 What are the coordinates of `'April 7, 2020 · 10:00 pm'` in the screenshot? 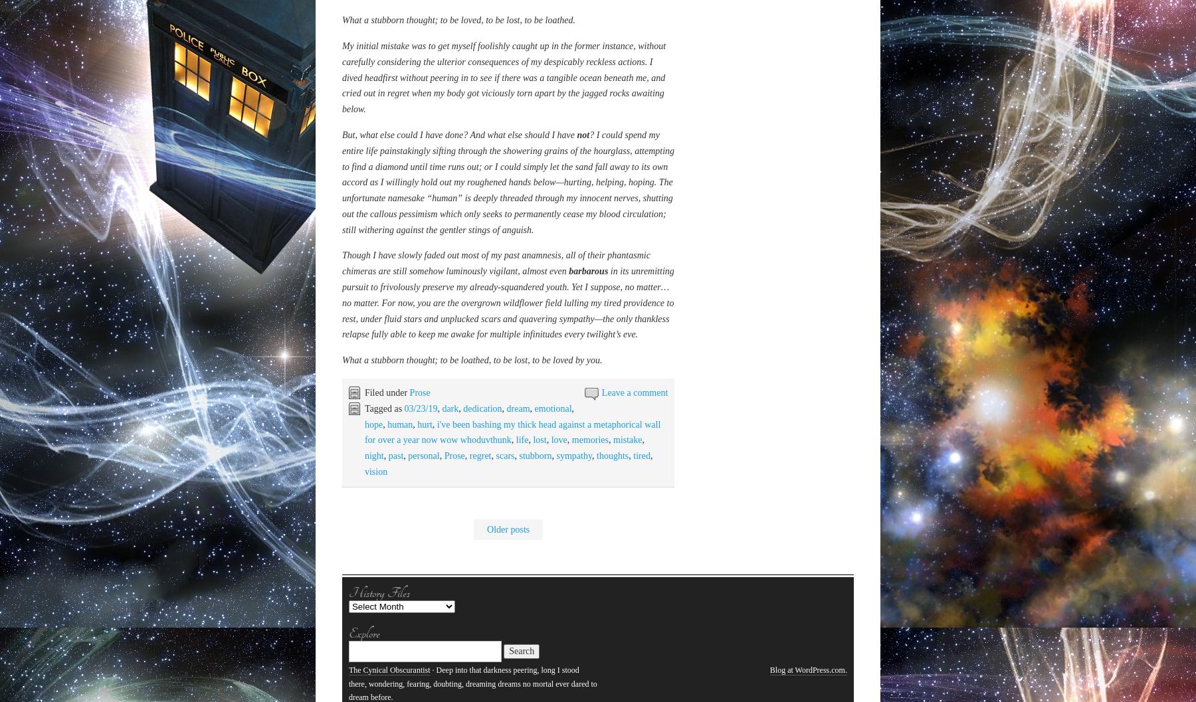 It's located at (385, 383).